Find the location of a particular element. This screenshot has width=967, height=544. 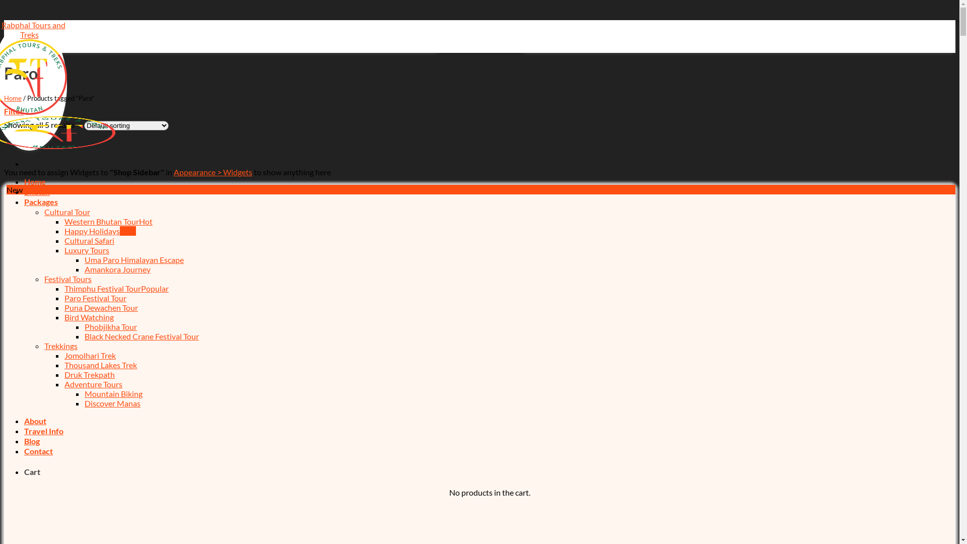

'Travel Info' is located at coordinates (43, 431).